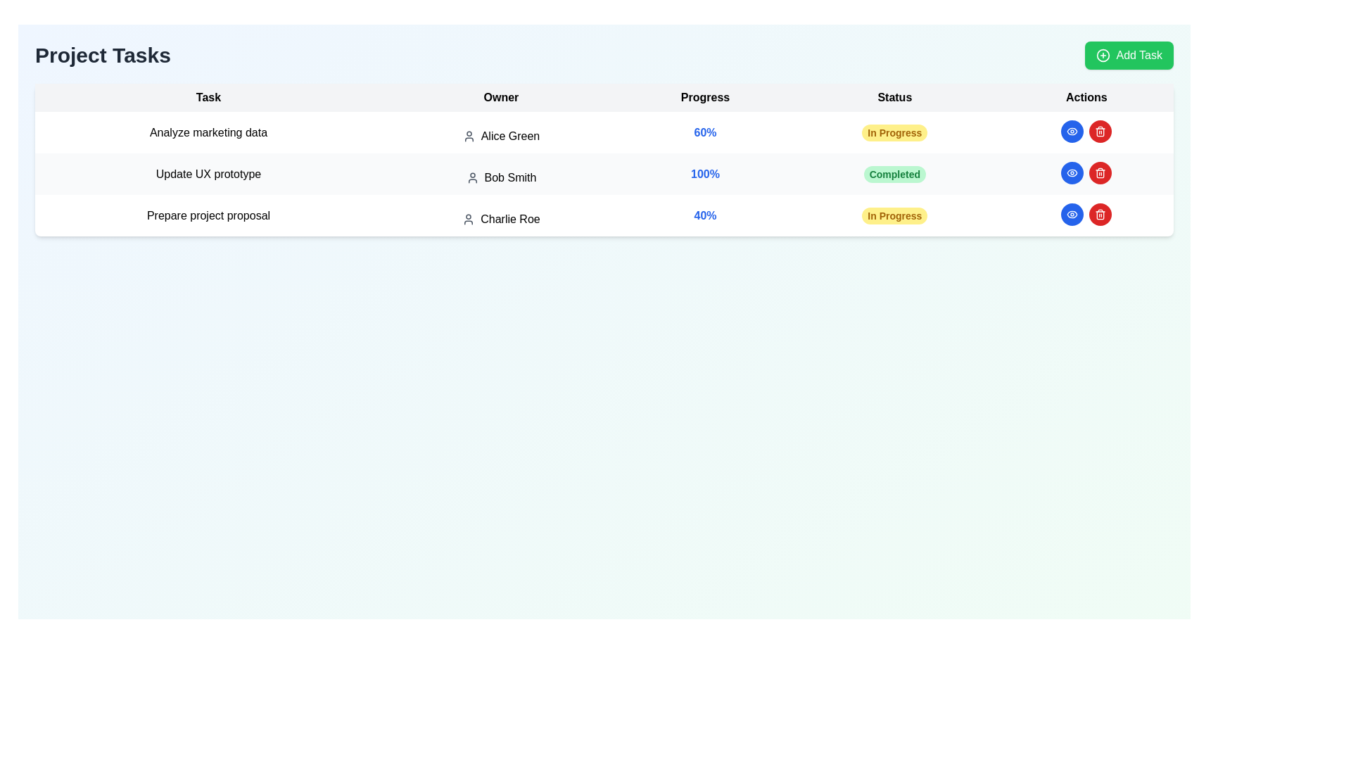  I want to click on text content displayed on the badge-like UI component with a yellow background that shows 'In Progress' in the 'Status' column of the first row of the task table, so click(894, 132).